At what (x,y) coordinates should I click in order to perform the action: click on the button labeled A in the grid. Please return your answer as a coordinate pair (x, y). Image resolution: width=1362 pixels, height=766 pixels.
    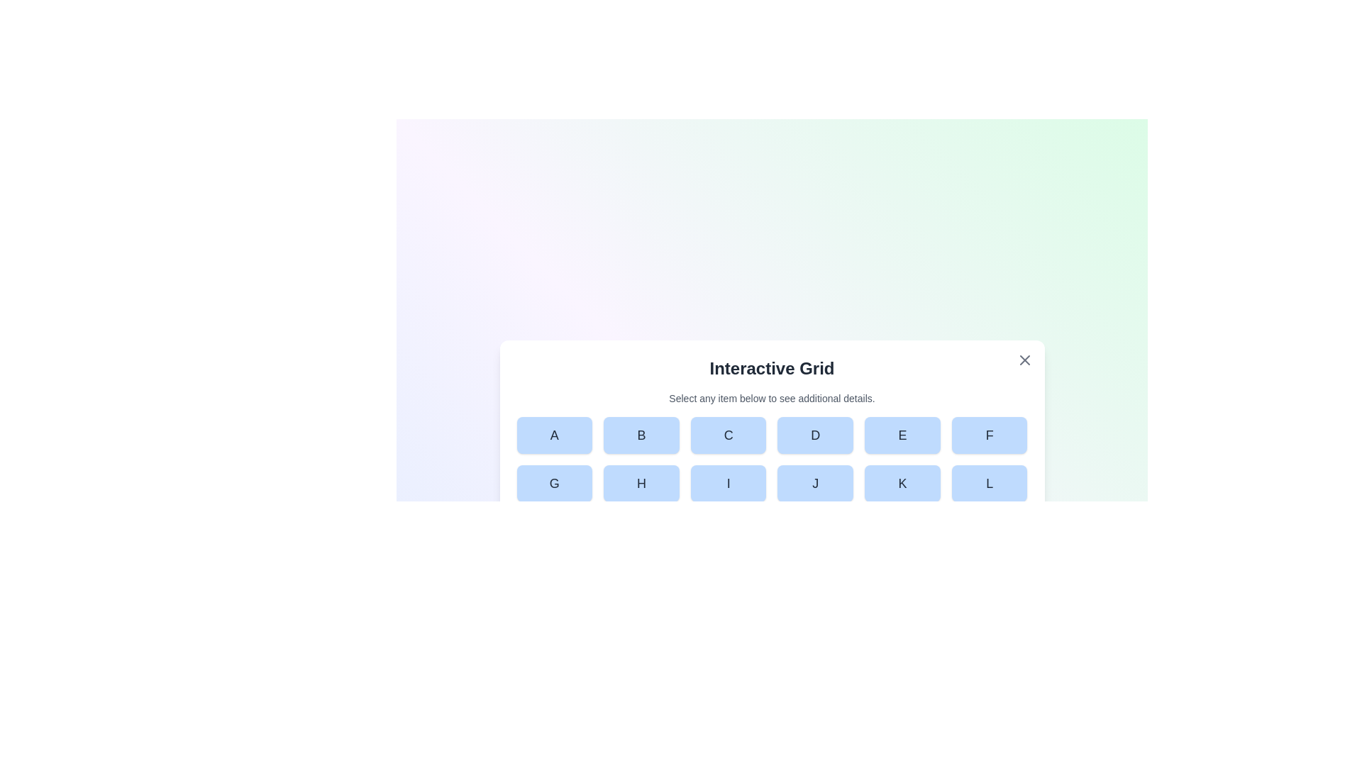
    Looking at the image, I should click on (553, 434).